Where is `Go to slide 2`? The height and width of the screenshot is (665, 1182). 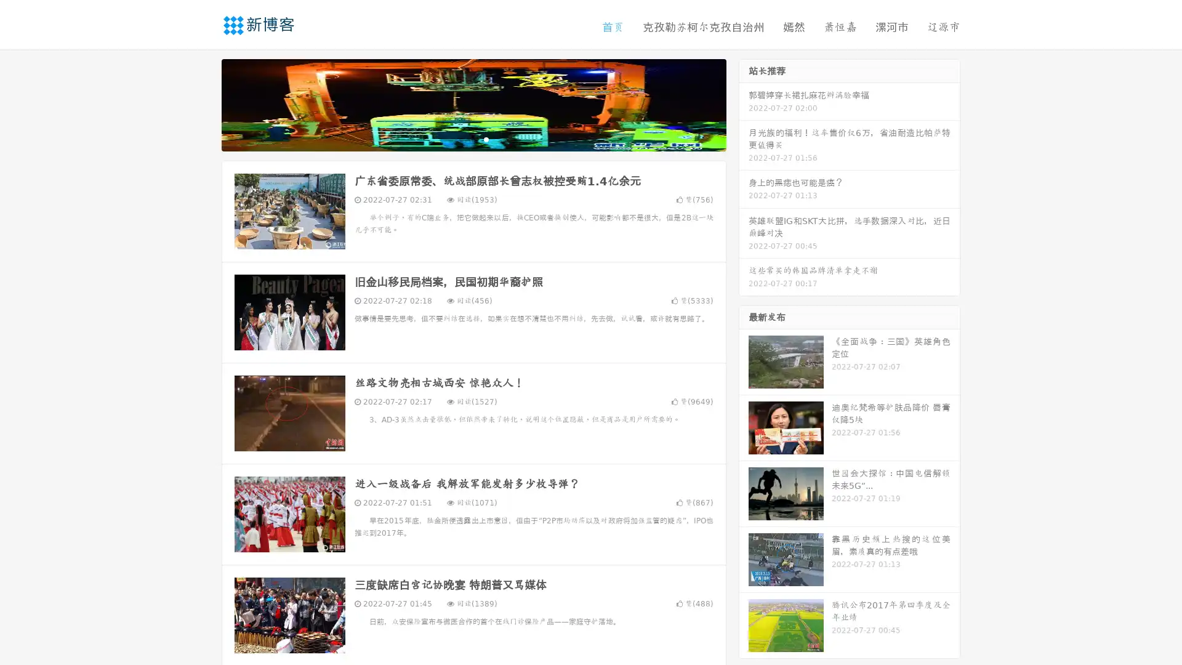
Go to slide 2 is located at coordinates (473, 139).